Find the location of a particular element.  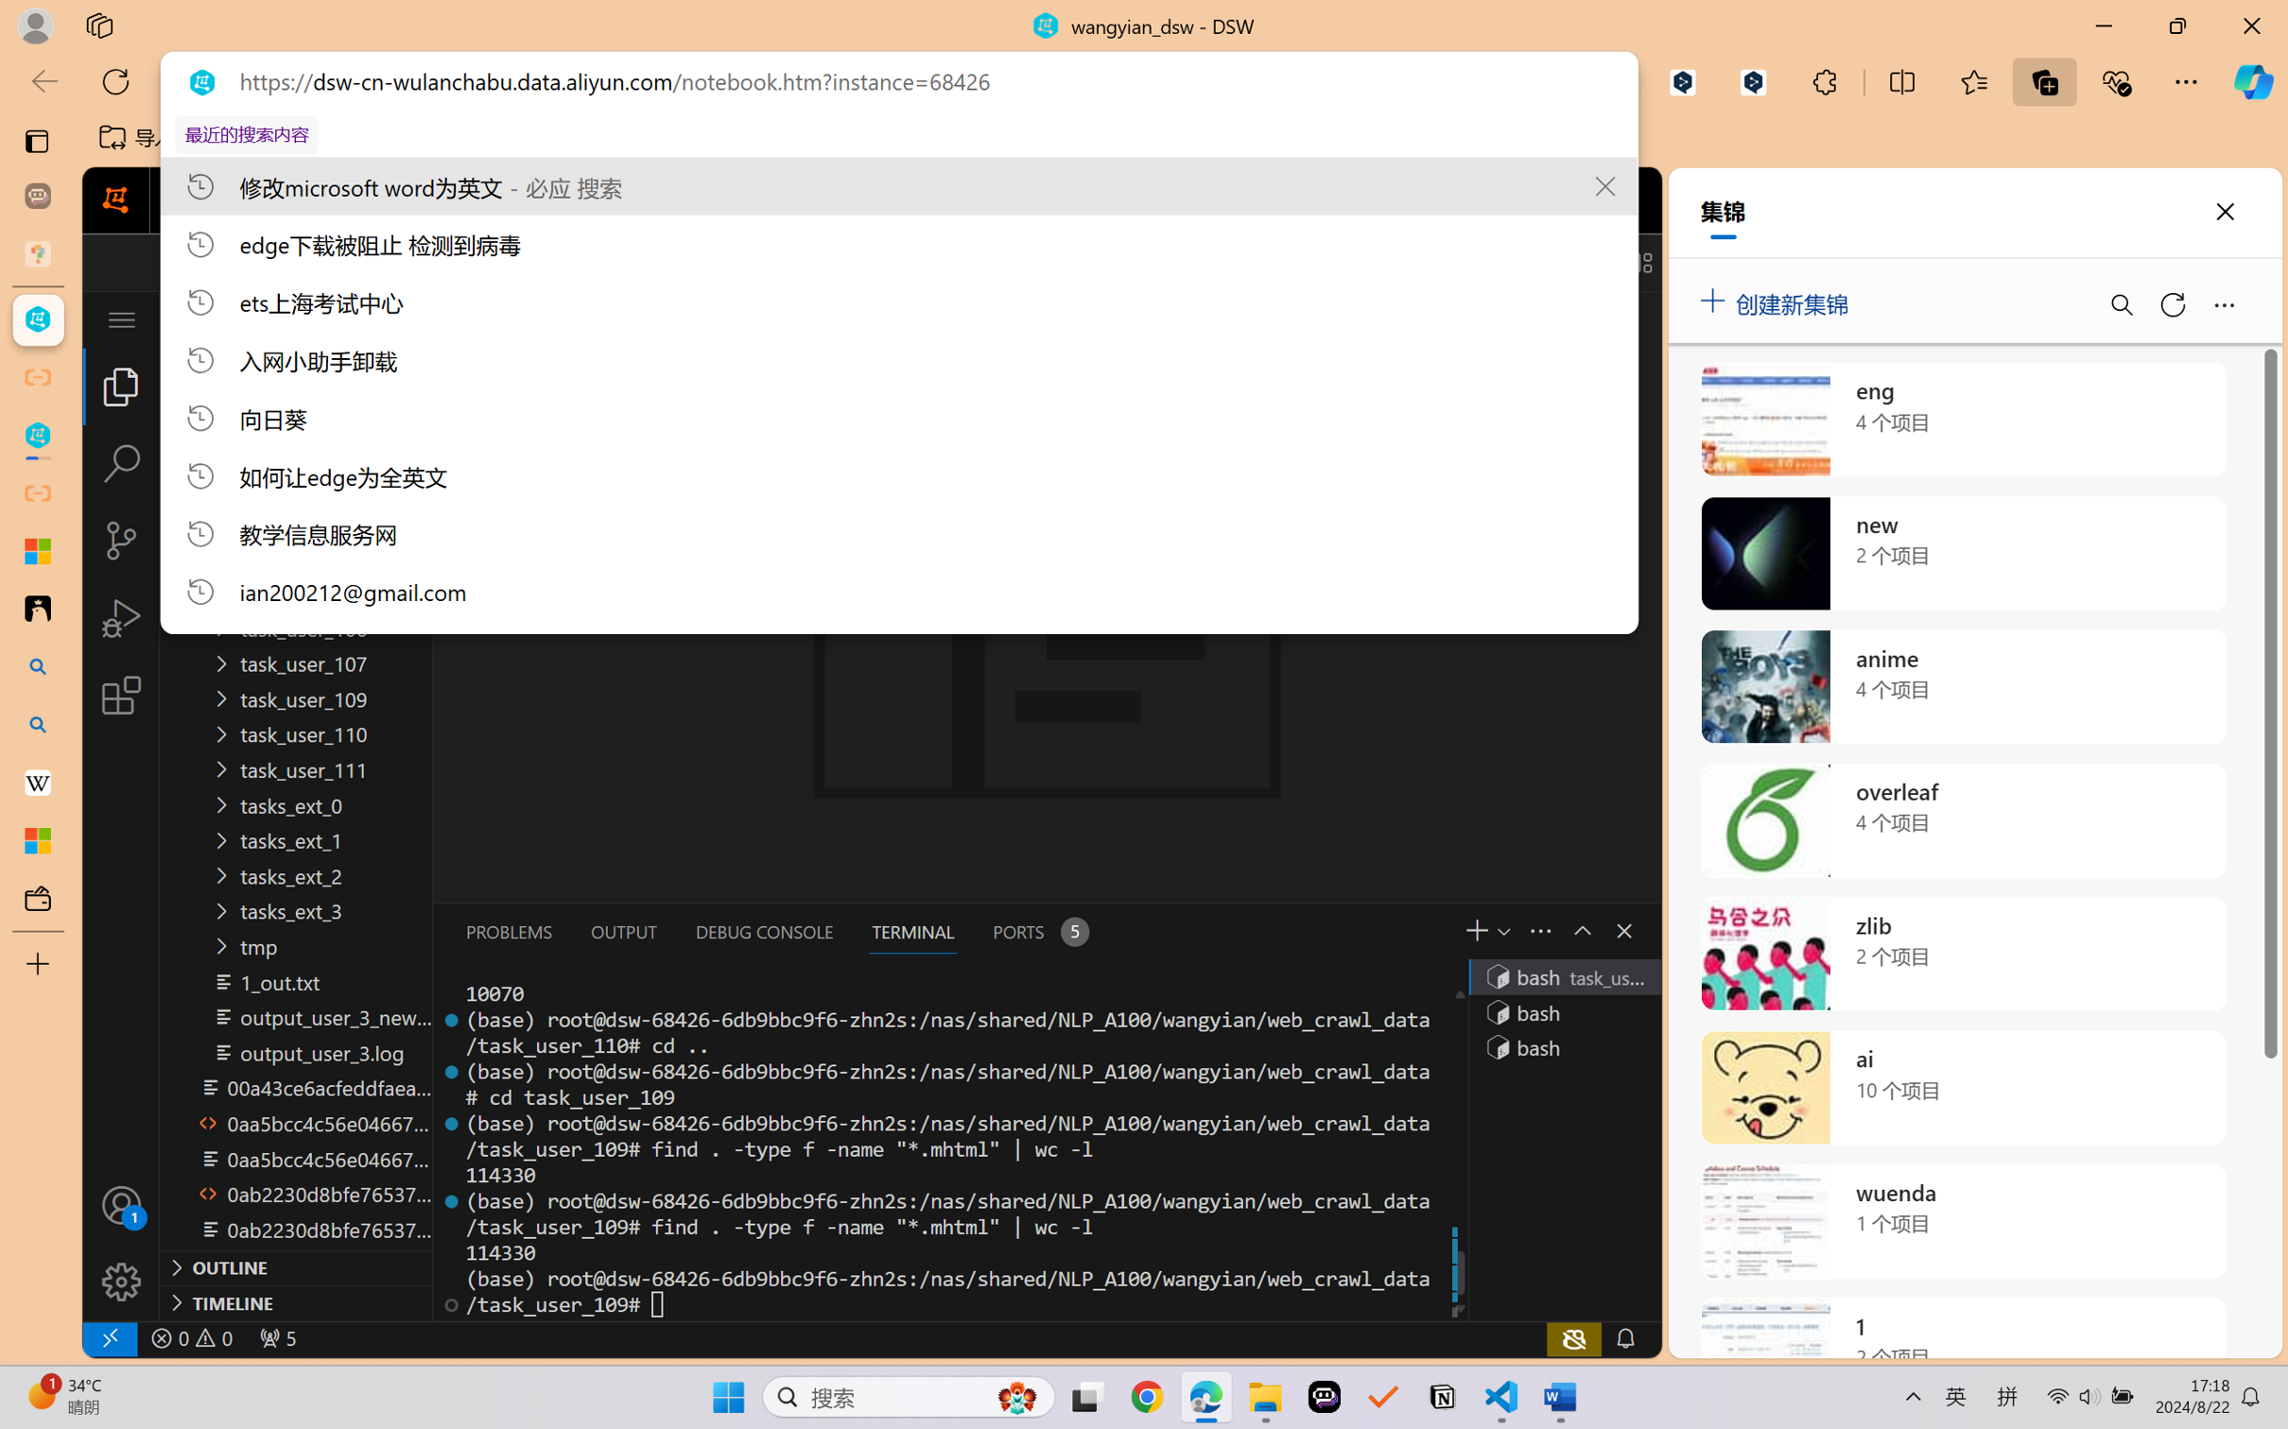

'Views and More Actions...' is located at coordinates (1539, 930).